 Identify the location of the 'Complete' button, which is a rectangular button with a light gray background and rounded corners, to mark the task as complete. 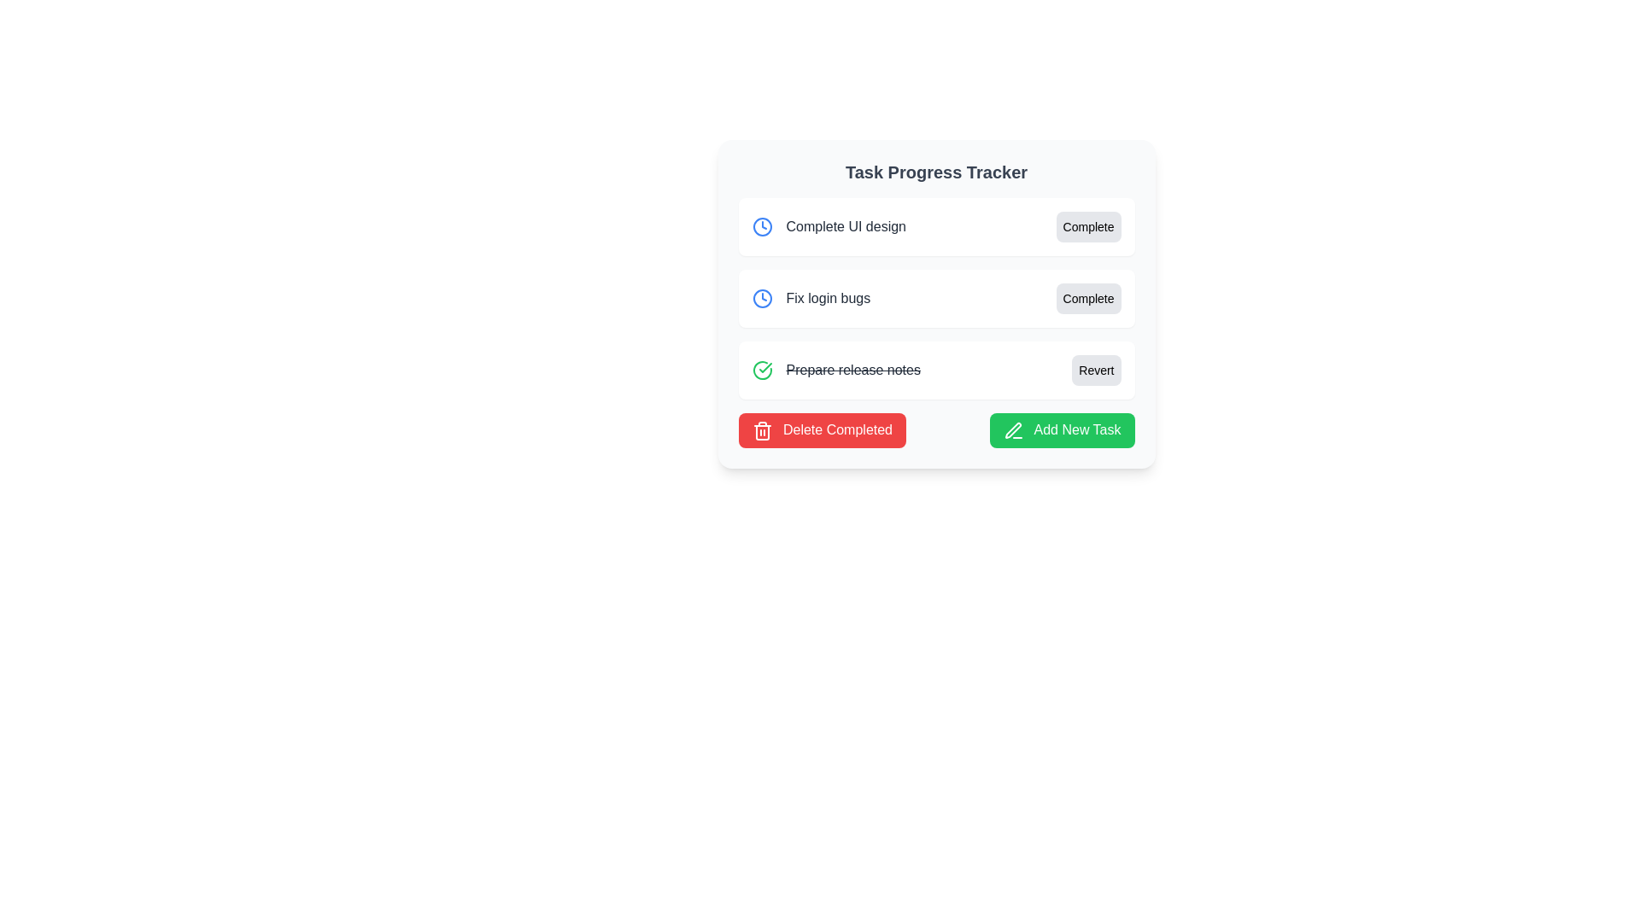
(1087, 226).